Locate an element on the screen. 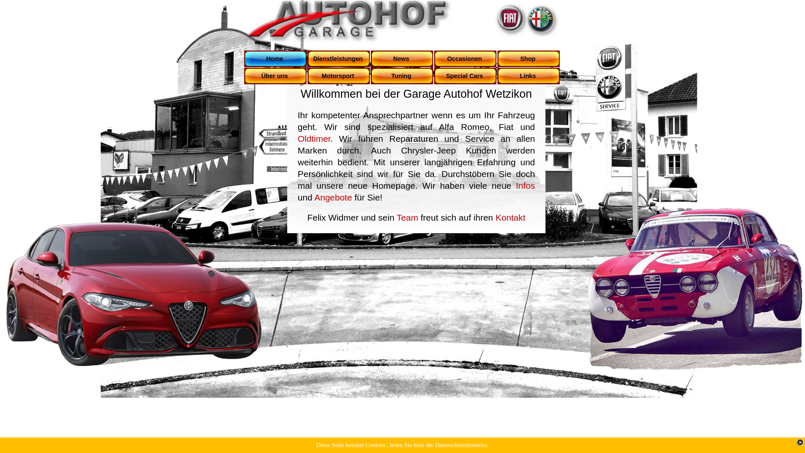 Image resolution: width=805 pixels, height=453 pixels. 'Infos' is located at coordinates (525, 185).